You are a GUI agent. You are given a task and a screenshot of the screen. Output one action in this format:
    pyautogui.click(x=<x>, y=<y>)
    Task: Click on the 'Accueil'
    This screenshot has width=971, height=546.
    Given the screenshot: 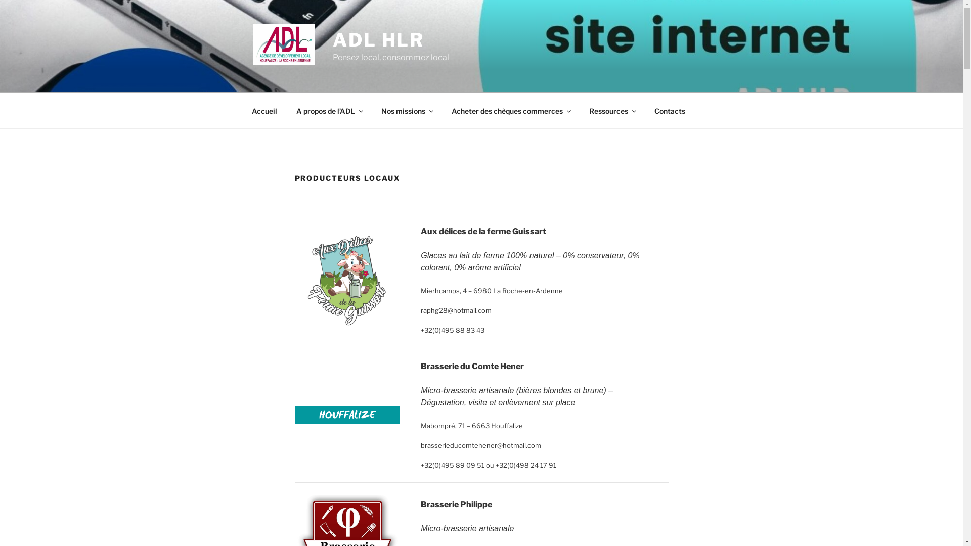 What is the action you would take?
    pyautogui.click(x=264, y=110)
    